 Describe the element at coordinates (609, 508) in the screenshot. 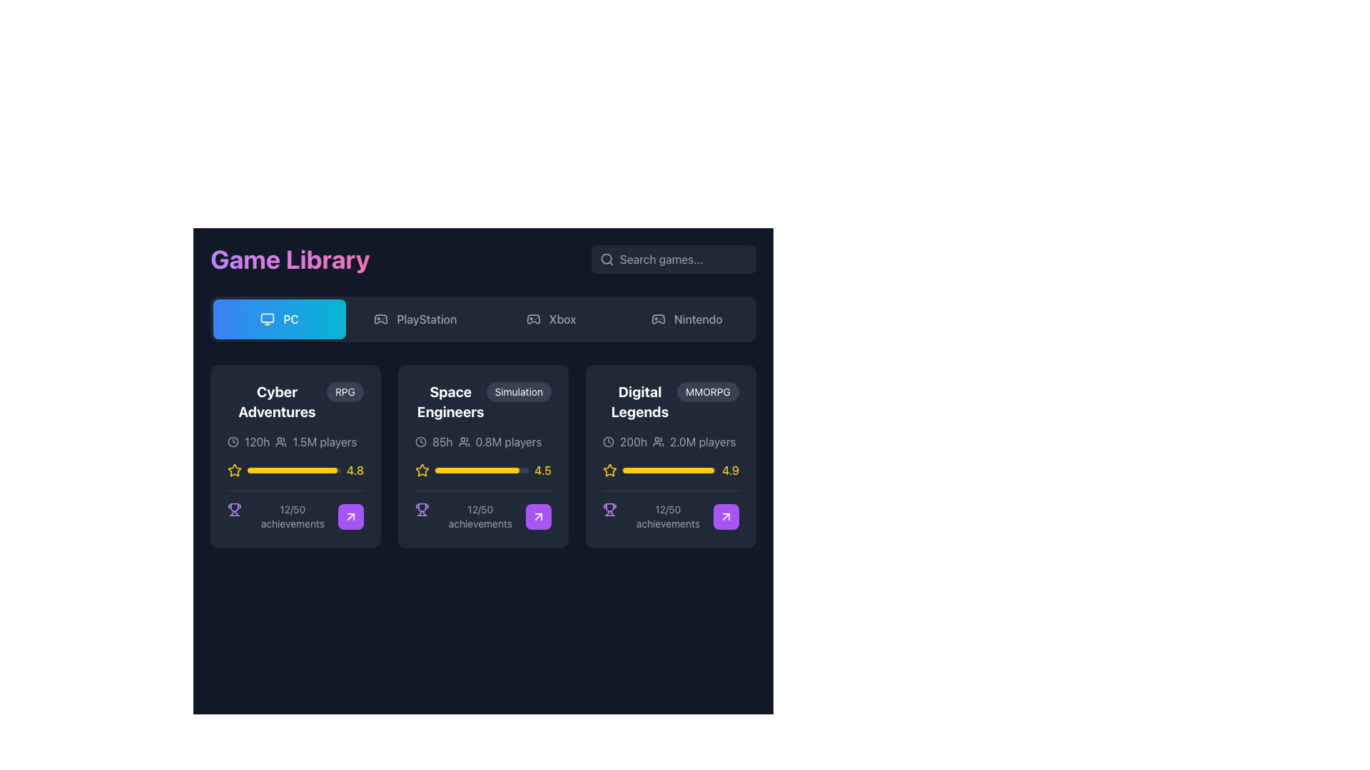

I see `the trophy-shaped icon styled in purple, located at the leftmost position within the group containing '12/50 achievements' text at the bottom left corner of the 'Digital Legends' card` at that location.